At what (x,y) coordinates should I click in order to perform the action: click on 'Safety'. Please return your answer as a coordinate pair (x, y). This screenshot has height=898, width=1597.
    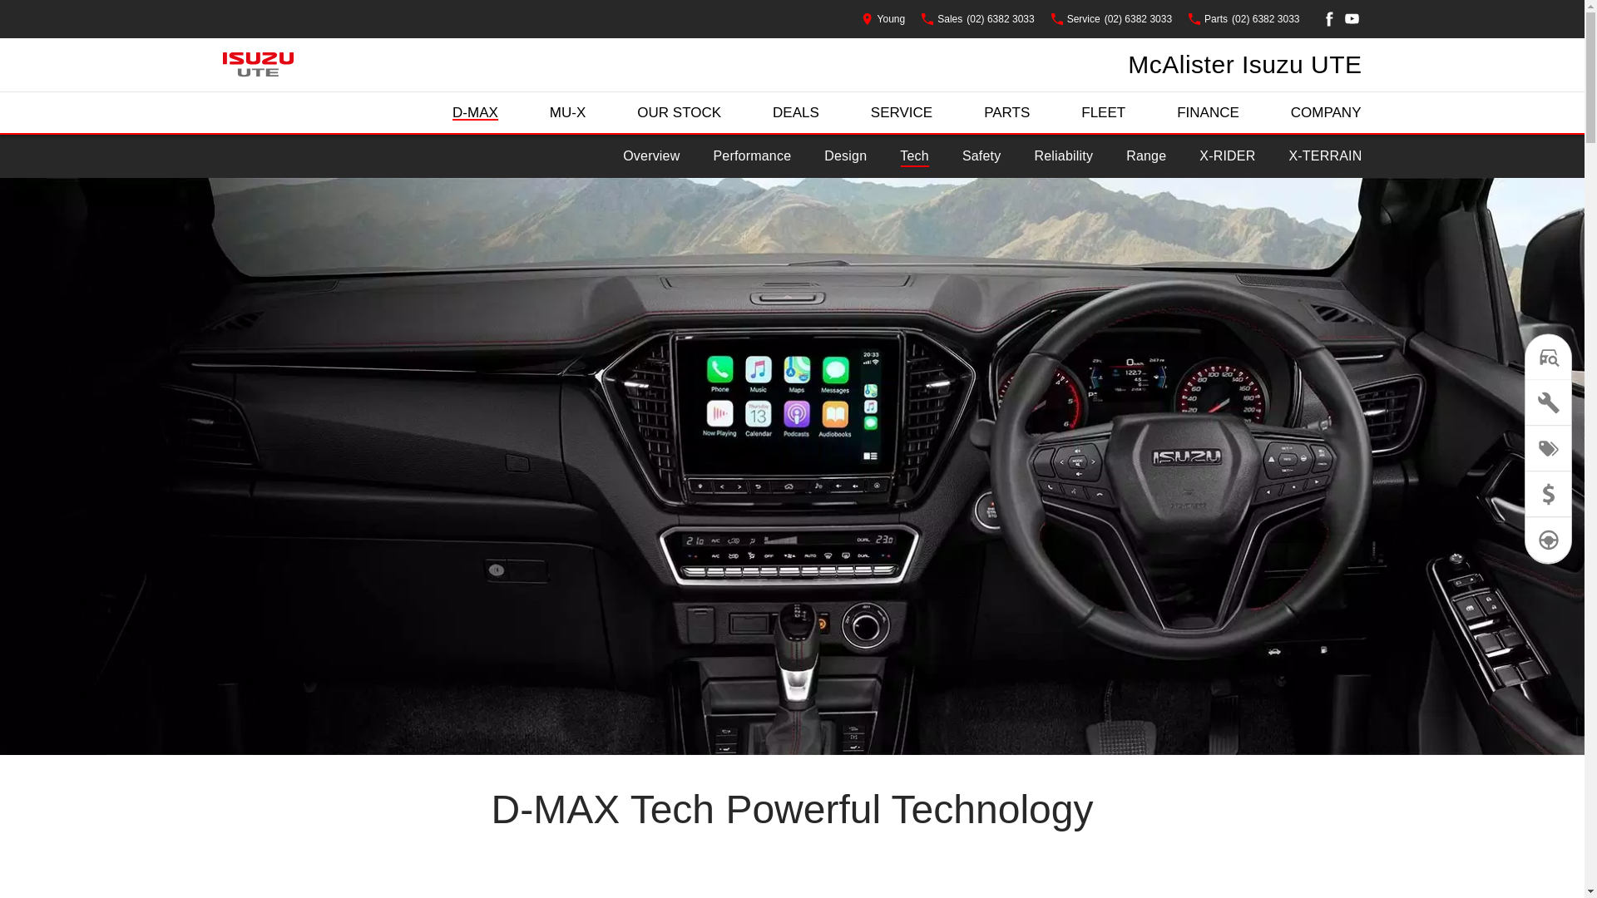
    Looking at the image, I should click on (981, 156).